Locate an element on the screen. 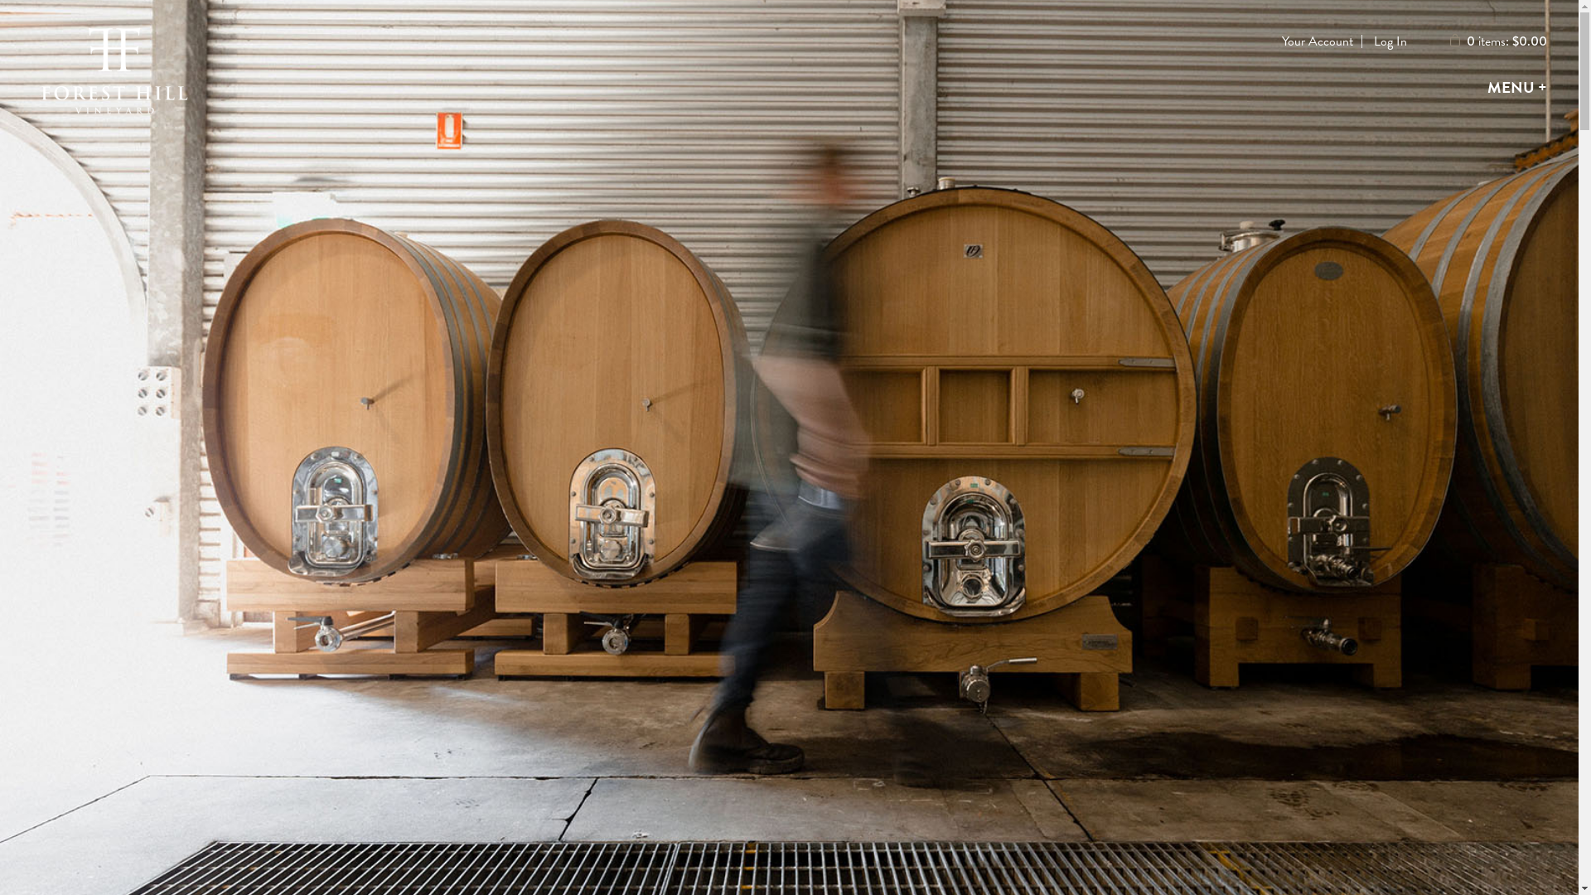 The height and width of the screenshot is (895, 1591). 'Your Account' is located at coordinates (1280, 41).